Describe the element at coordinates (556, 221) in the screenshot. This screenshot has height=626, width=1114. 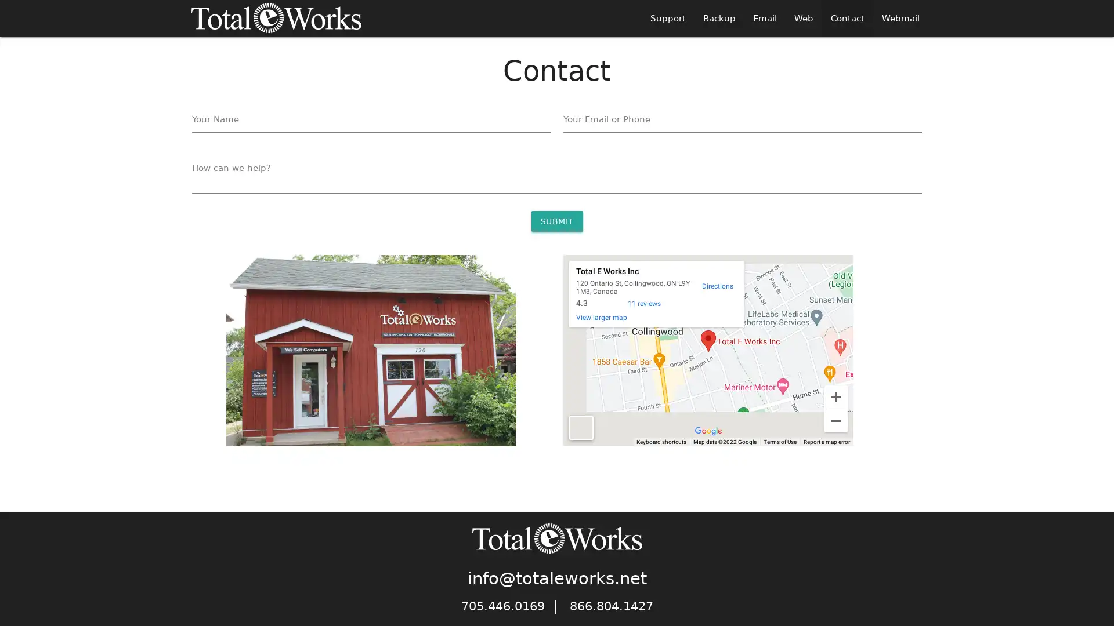
I see `SUBMIT` at that location.